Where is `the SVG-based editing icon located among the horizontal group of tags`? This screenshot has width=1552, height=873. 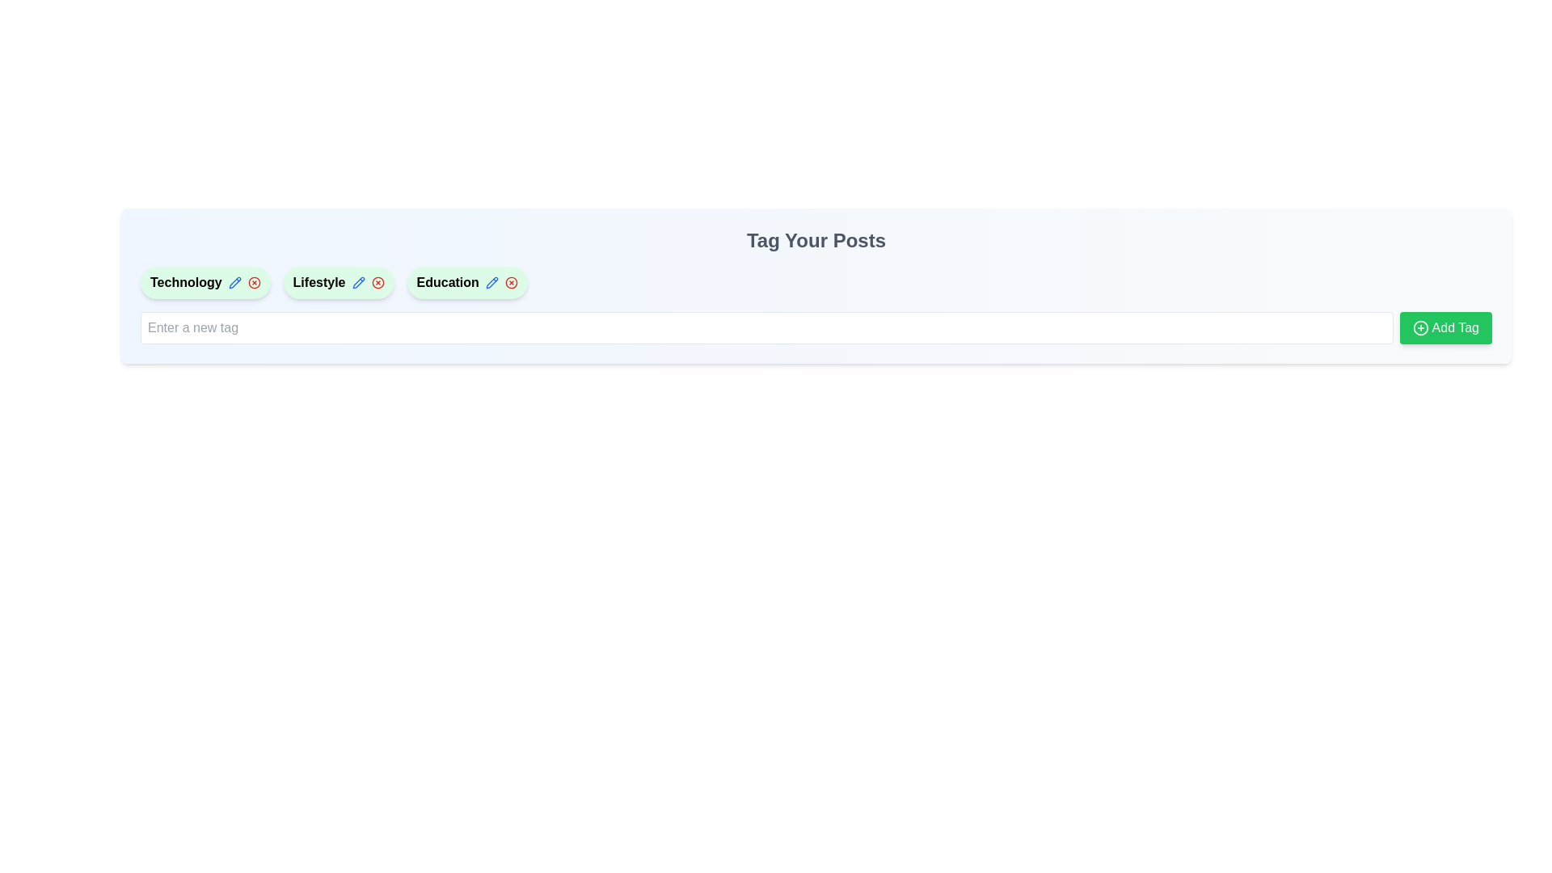
the SVG-based editing icon located among the horizontal group of tags is located at coordinates (491, 282).